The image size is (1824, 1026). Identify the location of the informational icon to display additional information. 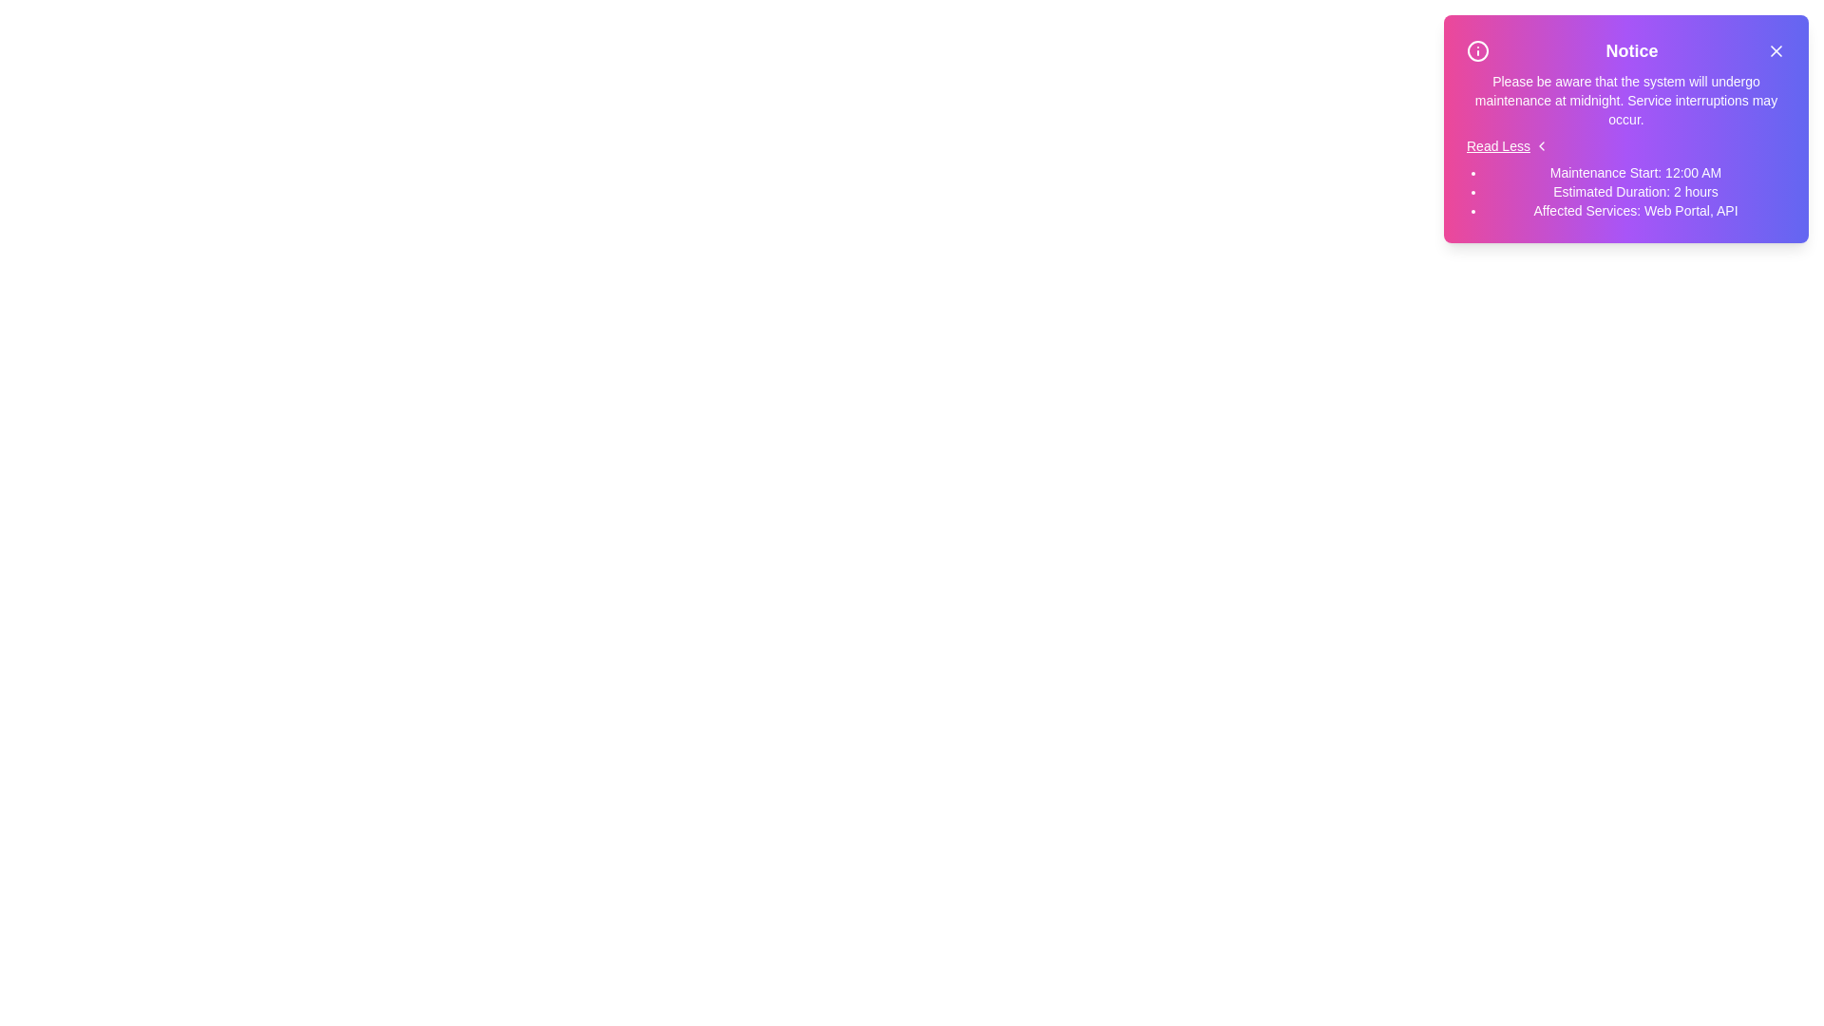
(1476, 50).